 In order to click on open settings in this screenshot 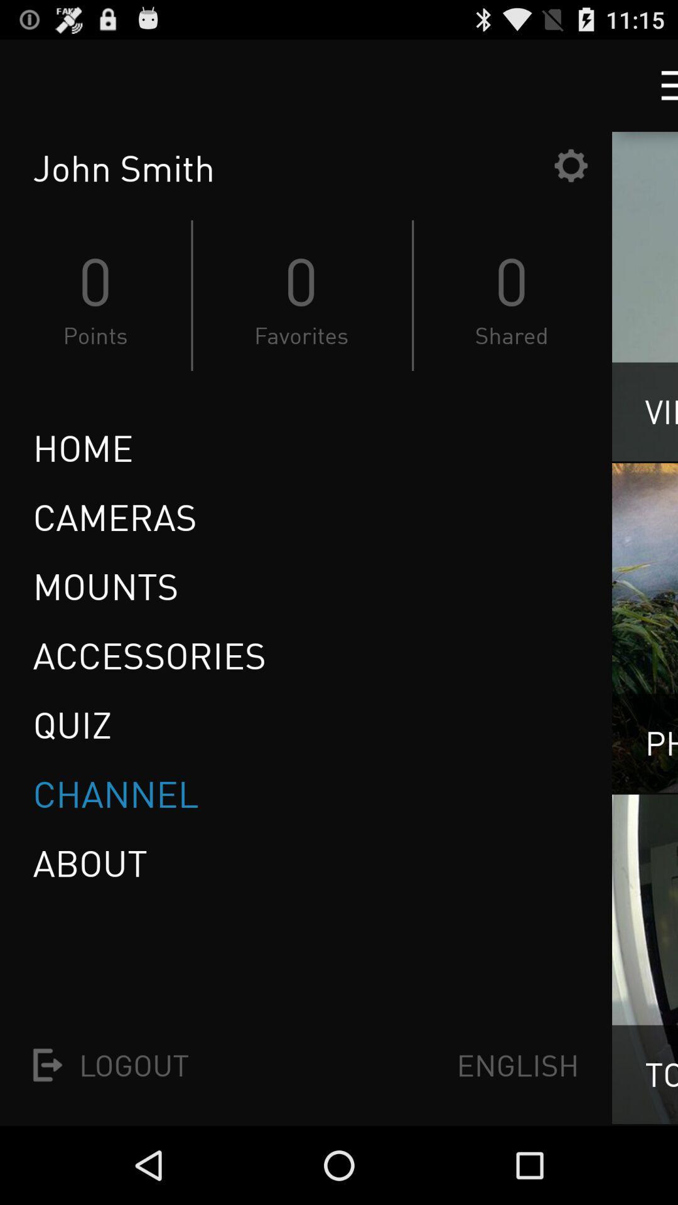, I will do `click(571, 164)`.